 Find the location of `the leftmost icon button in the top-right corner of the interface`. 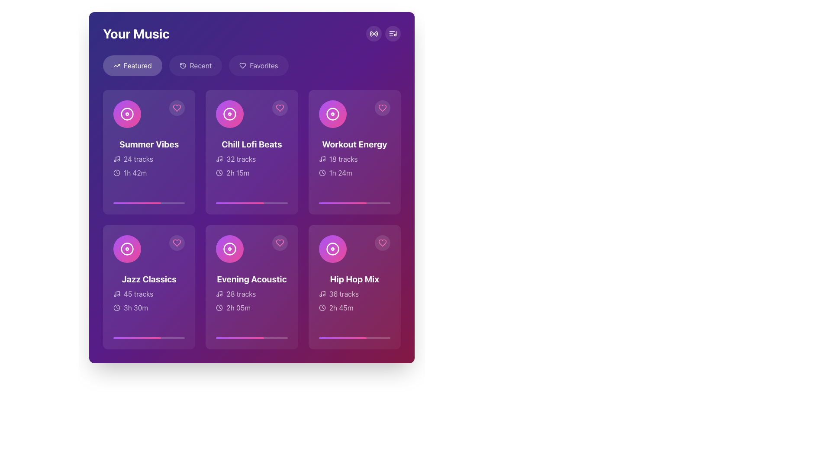

the leftmost icon button in the top-right corner of the interface is located at coordinates (374, 33).